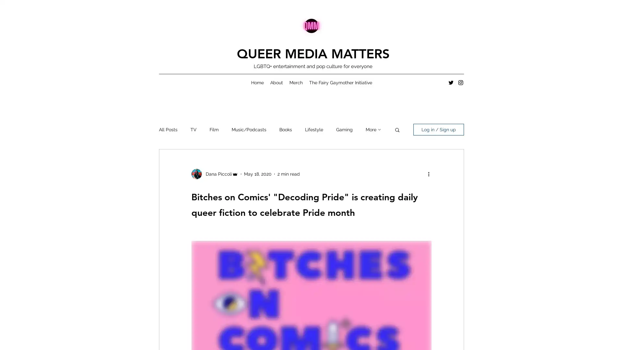 The width and height of the screenshot is (623, 350). What do you see at coordinates (286, 130) in the screenshot?
I see `Books` at bounding box center [286, 130].